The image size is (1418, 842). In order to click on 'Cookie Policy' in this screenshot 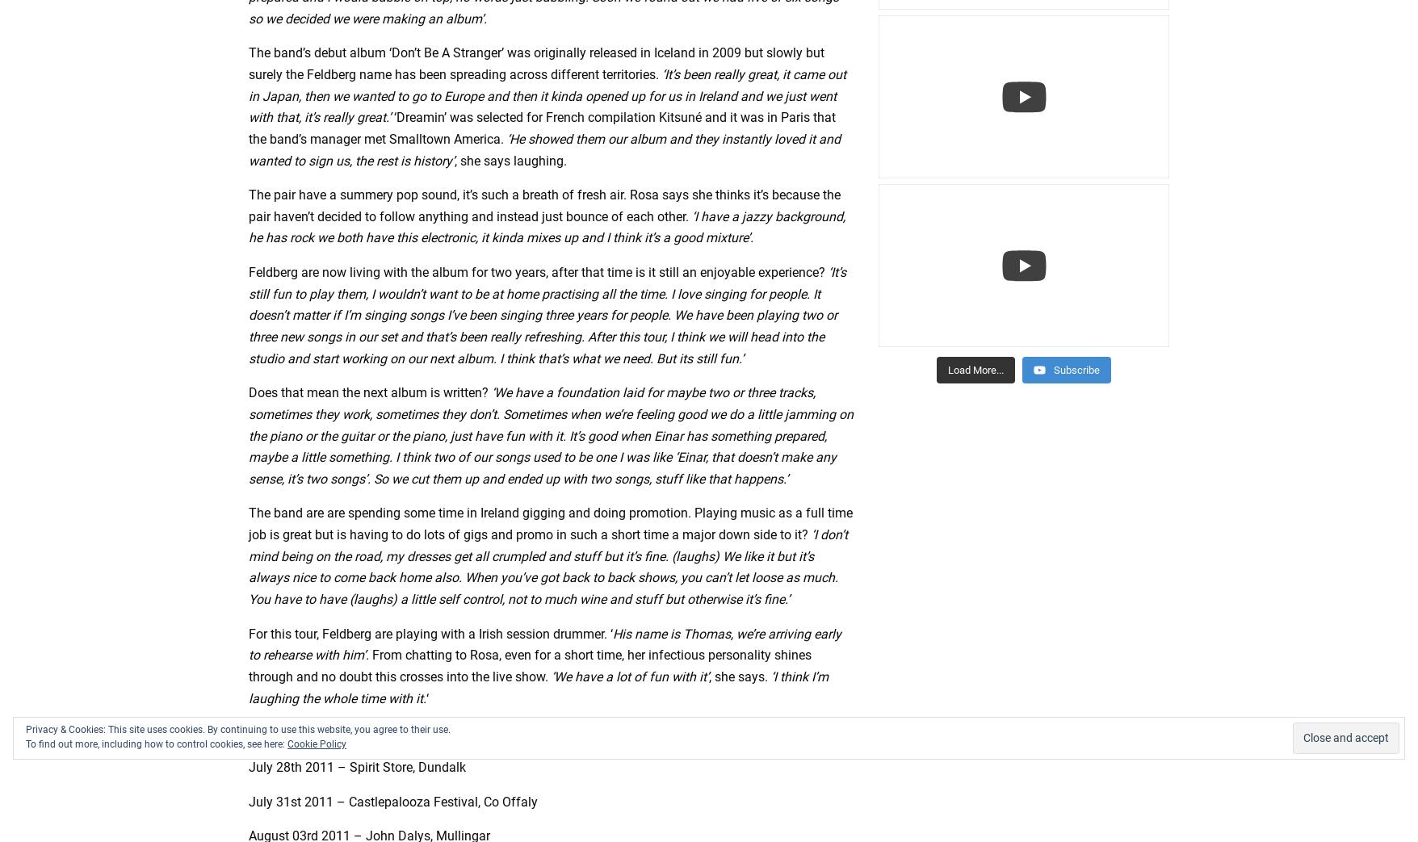, I will do `click(316, 744)`.